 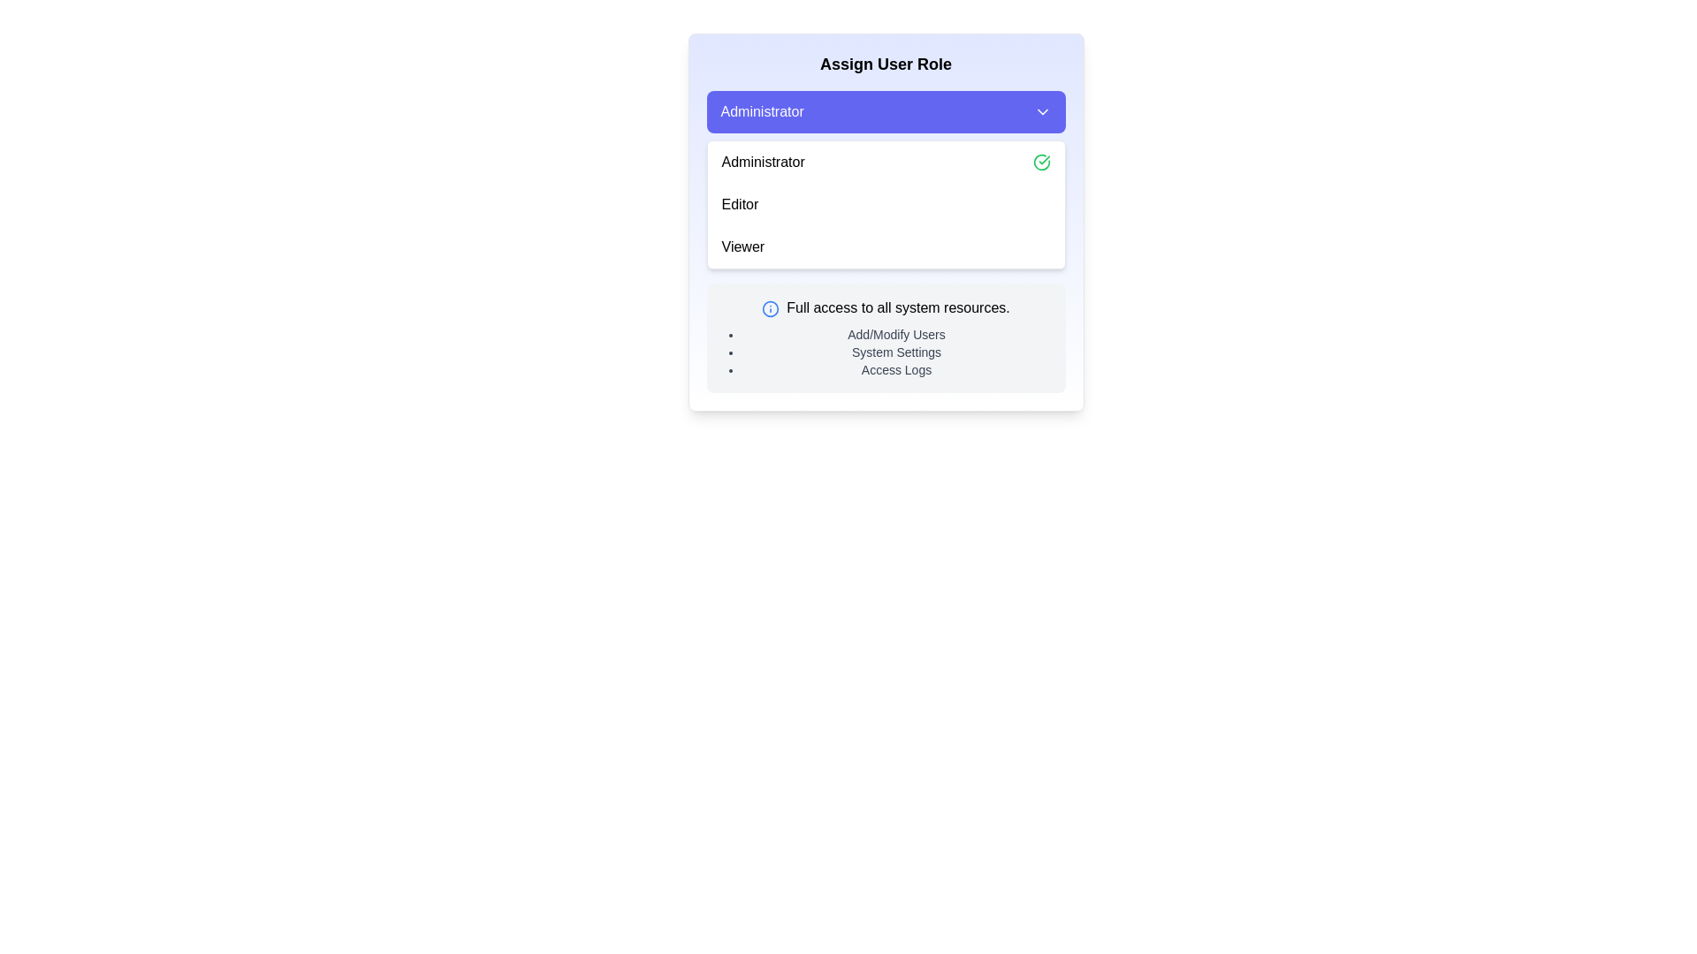 I want to click on the first list item in the dropdown menu titled 'Assign User Role' that allows selection of the 'Administrator' role, so click(x=886, y=163).